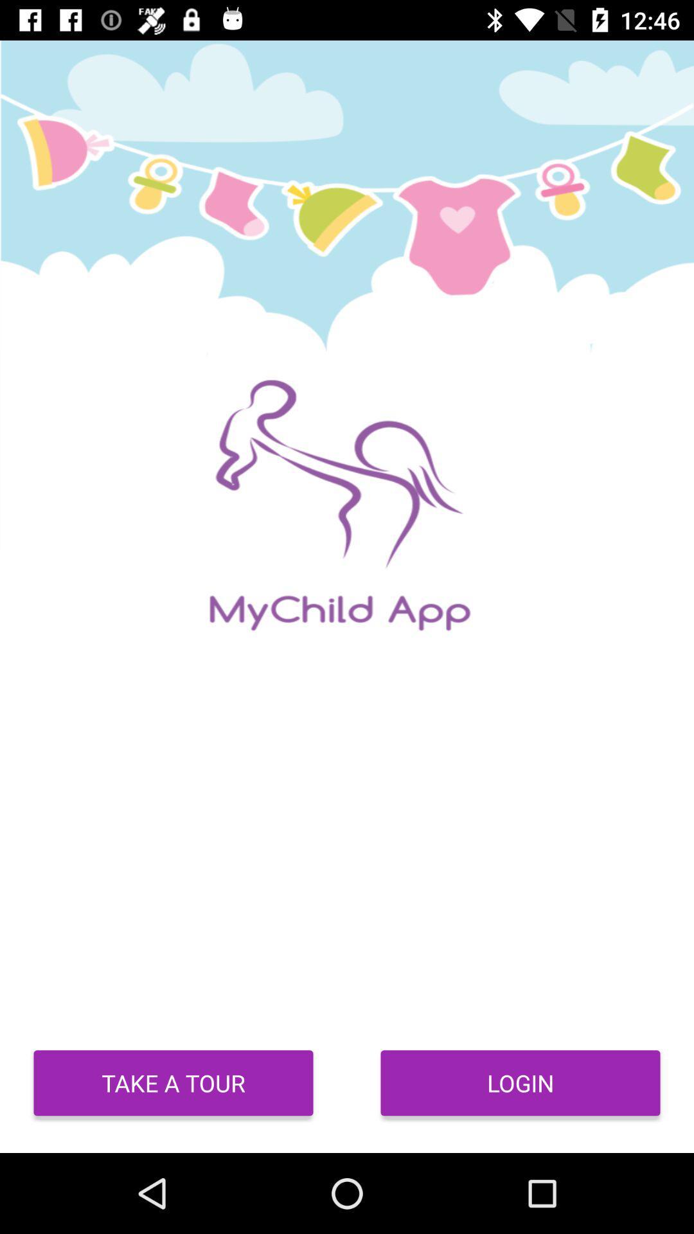  I want to click on login, so click(520, 1082).